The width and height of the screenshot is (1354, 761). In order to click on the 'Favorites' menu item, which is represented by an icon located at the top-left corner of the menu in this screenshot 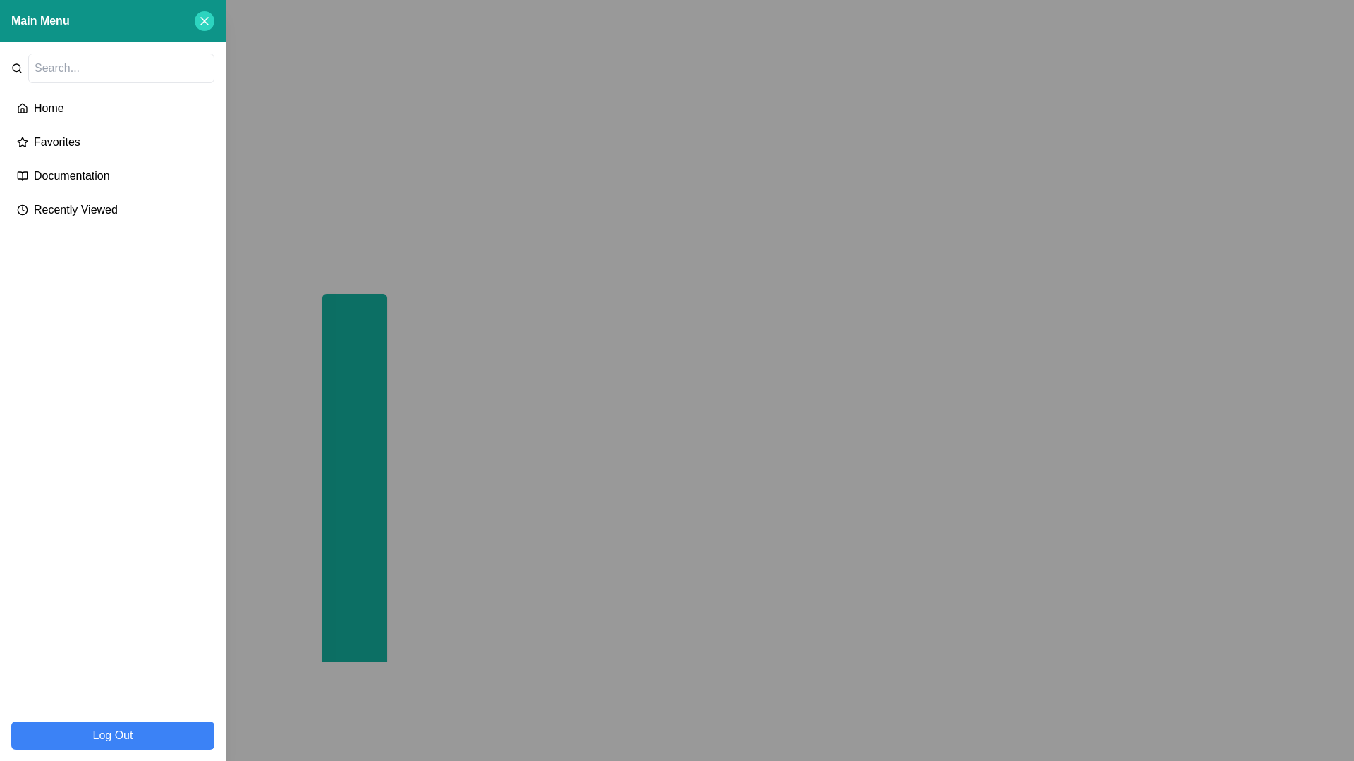, I will do `click(23, 142)`.